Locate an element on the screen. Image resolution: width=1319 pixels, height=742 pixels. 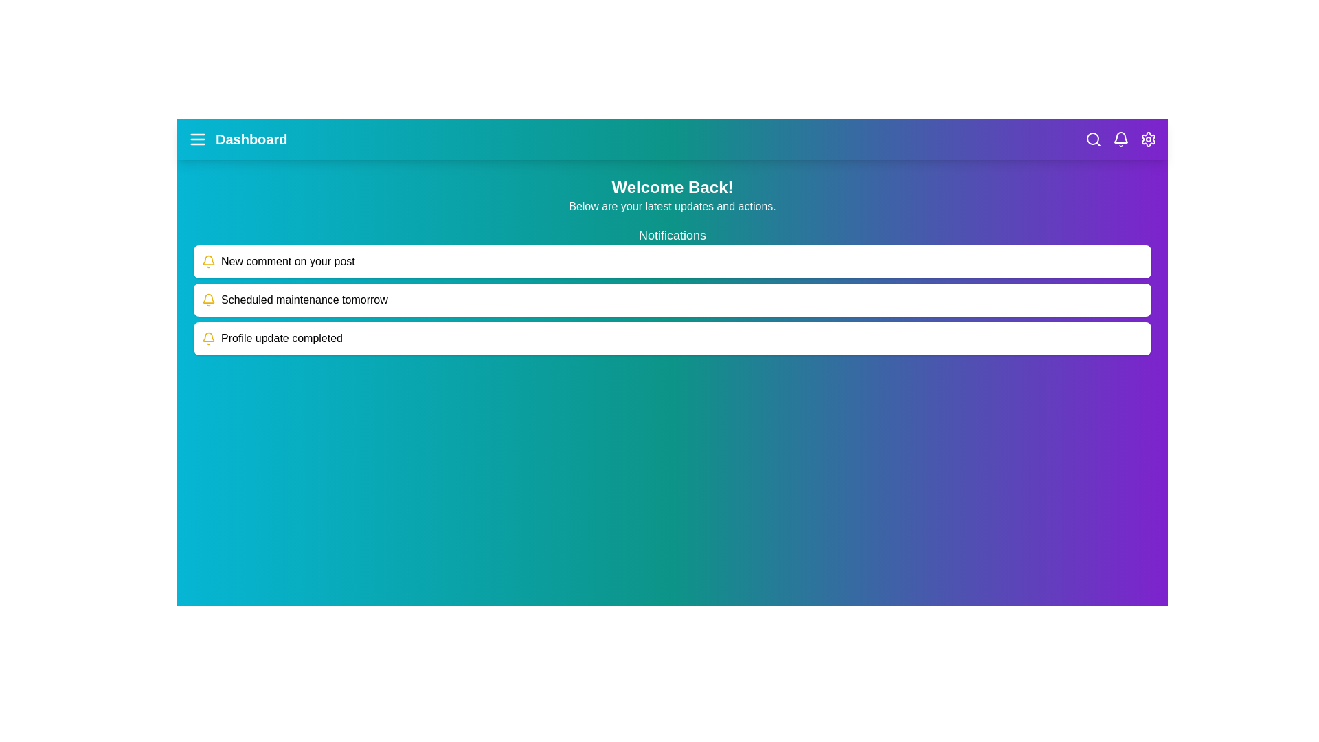
the menu icon to open the navigation menu is located at coordinates (197, 139).